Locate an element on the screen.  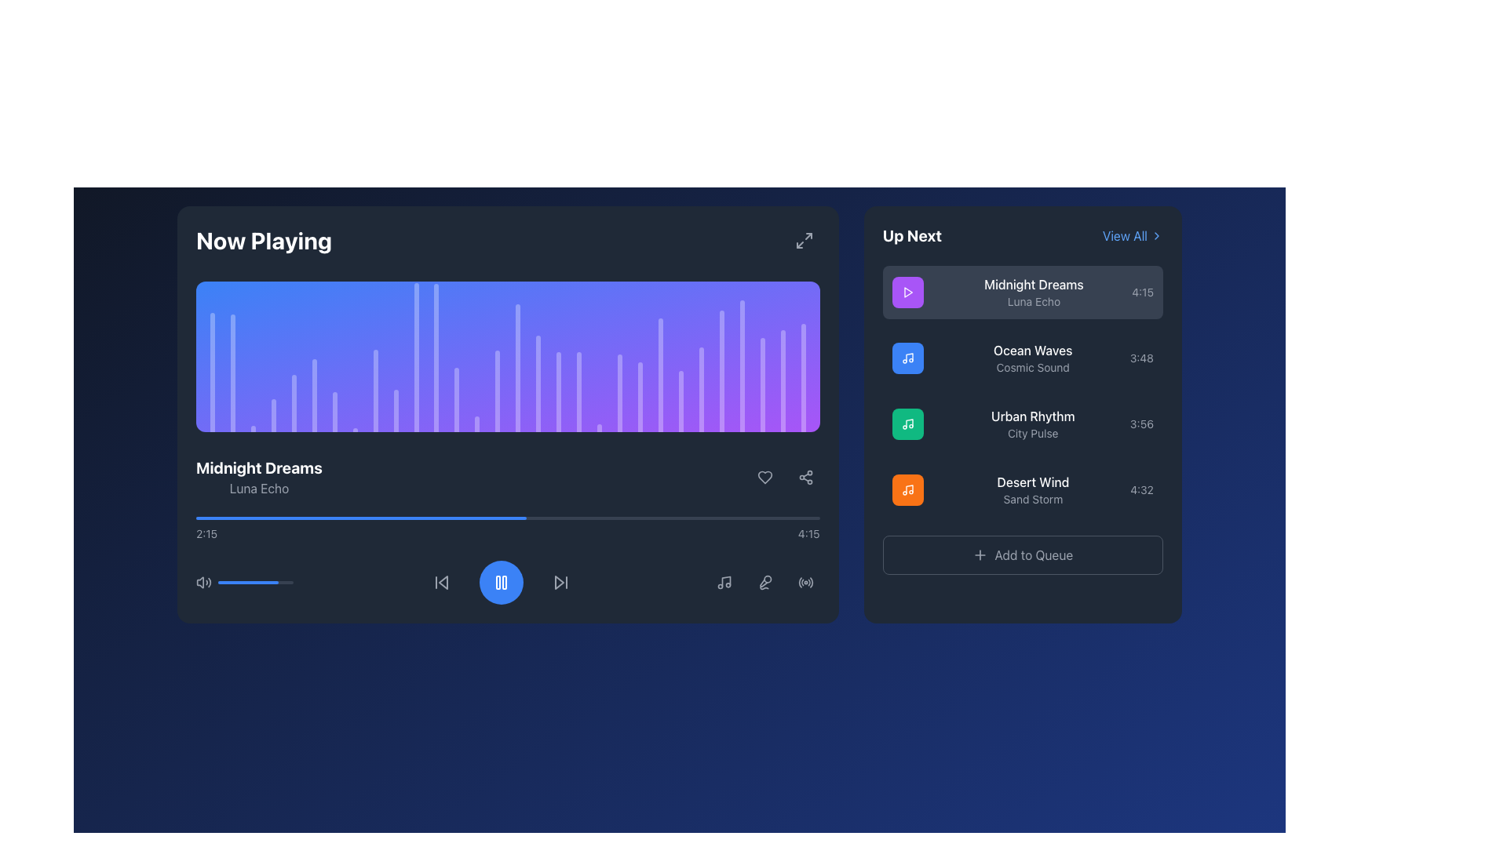
the 18th graphical bar in the waveform chart, which represents a specific sound amplitude or frequency in the music track is located at coordinates (578, 391).